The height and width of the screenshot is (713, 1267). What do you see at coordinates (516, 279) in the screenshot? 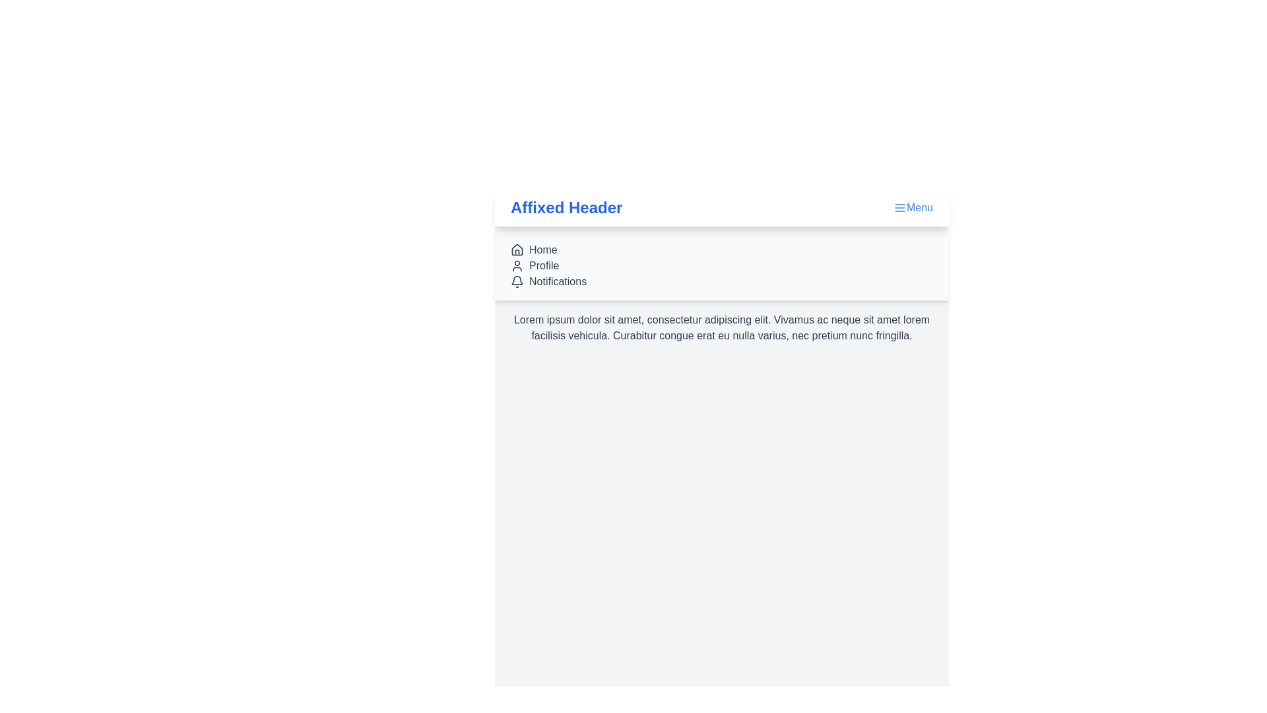
I see `the notifications icon located in the navigation menu, which indicates incoming messages or alerts` at bounding box center [516, 279].